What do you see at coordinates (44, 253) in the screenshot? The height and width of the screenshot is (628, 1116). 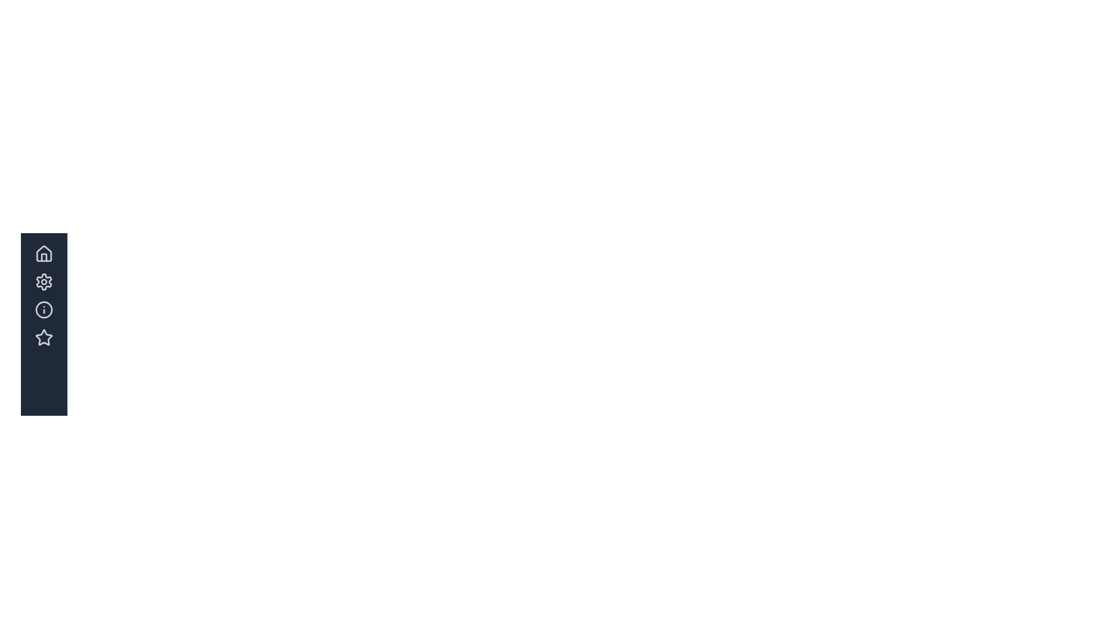 I see `the gray house icon located at the top of the sidebar menu` at bounding box center [44, 253].